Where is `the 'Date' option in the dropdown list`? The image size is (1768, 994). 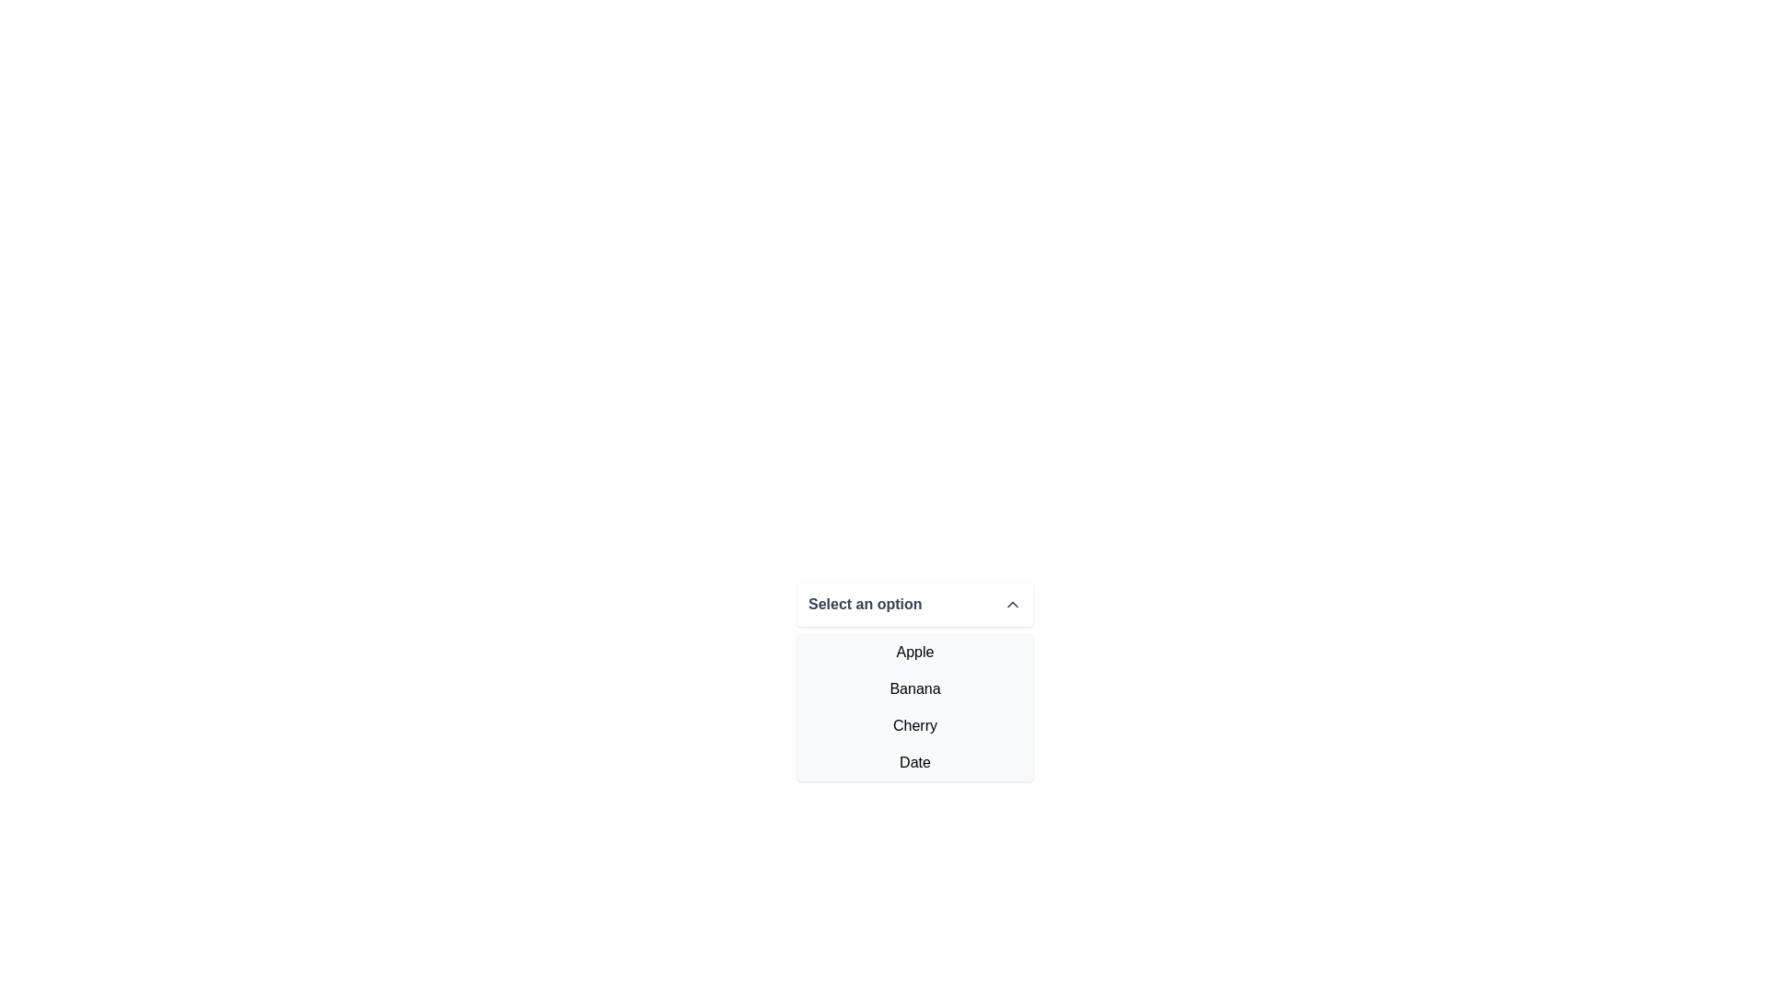
the 'Date' option in the dropdown list is located at coordinates (914, 763).